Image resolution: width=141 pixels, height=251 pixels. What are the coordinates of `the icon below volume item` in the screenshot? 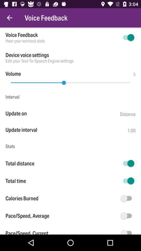 It's located at (70, 81).